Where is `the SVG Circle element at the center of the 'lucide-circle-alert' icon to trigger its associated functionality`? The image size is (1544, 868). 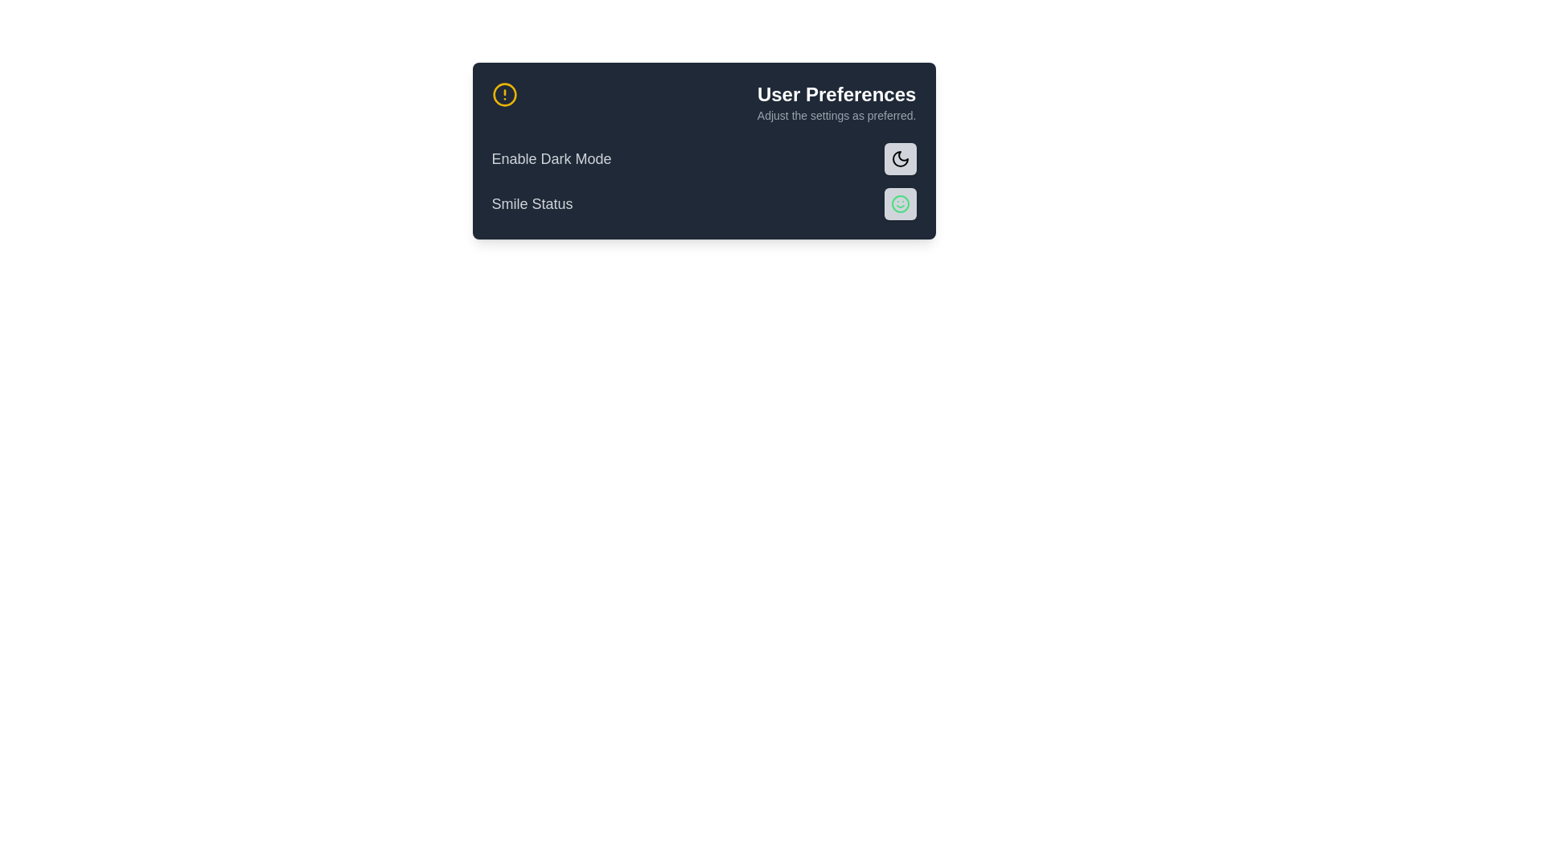
the SVG Circle element at the center of the 'lucide-circle-alert' icon to trigger its associated functionality is located at coordinates (503, 95).